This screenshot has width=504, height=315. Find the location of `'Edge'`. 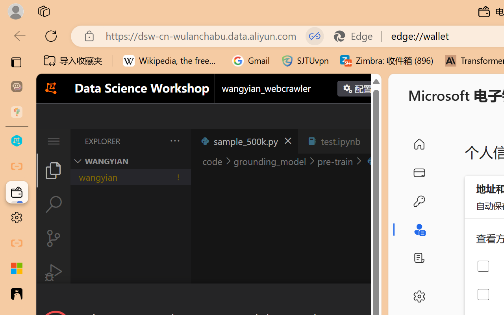

'Edge' is located at coordinates (356, 36).